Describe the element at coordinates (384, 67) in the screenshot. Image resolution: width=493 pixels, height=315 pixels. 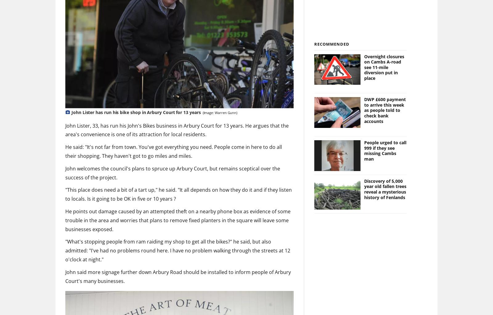
I see `'Overnight closures on Cambs A-road see 11-mile diversion put in place'` at that location.